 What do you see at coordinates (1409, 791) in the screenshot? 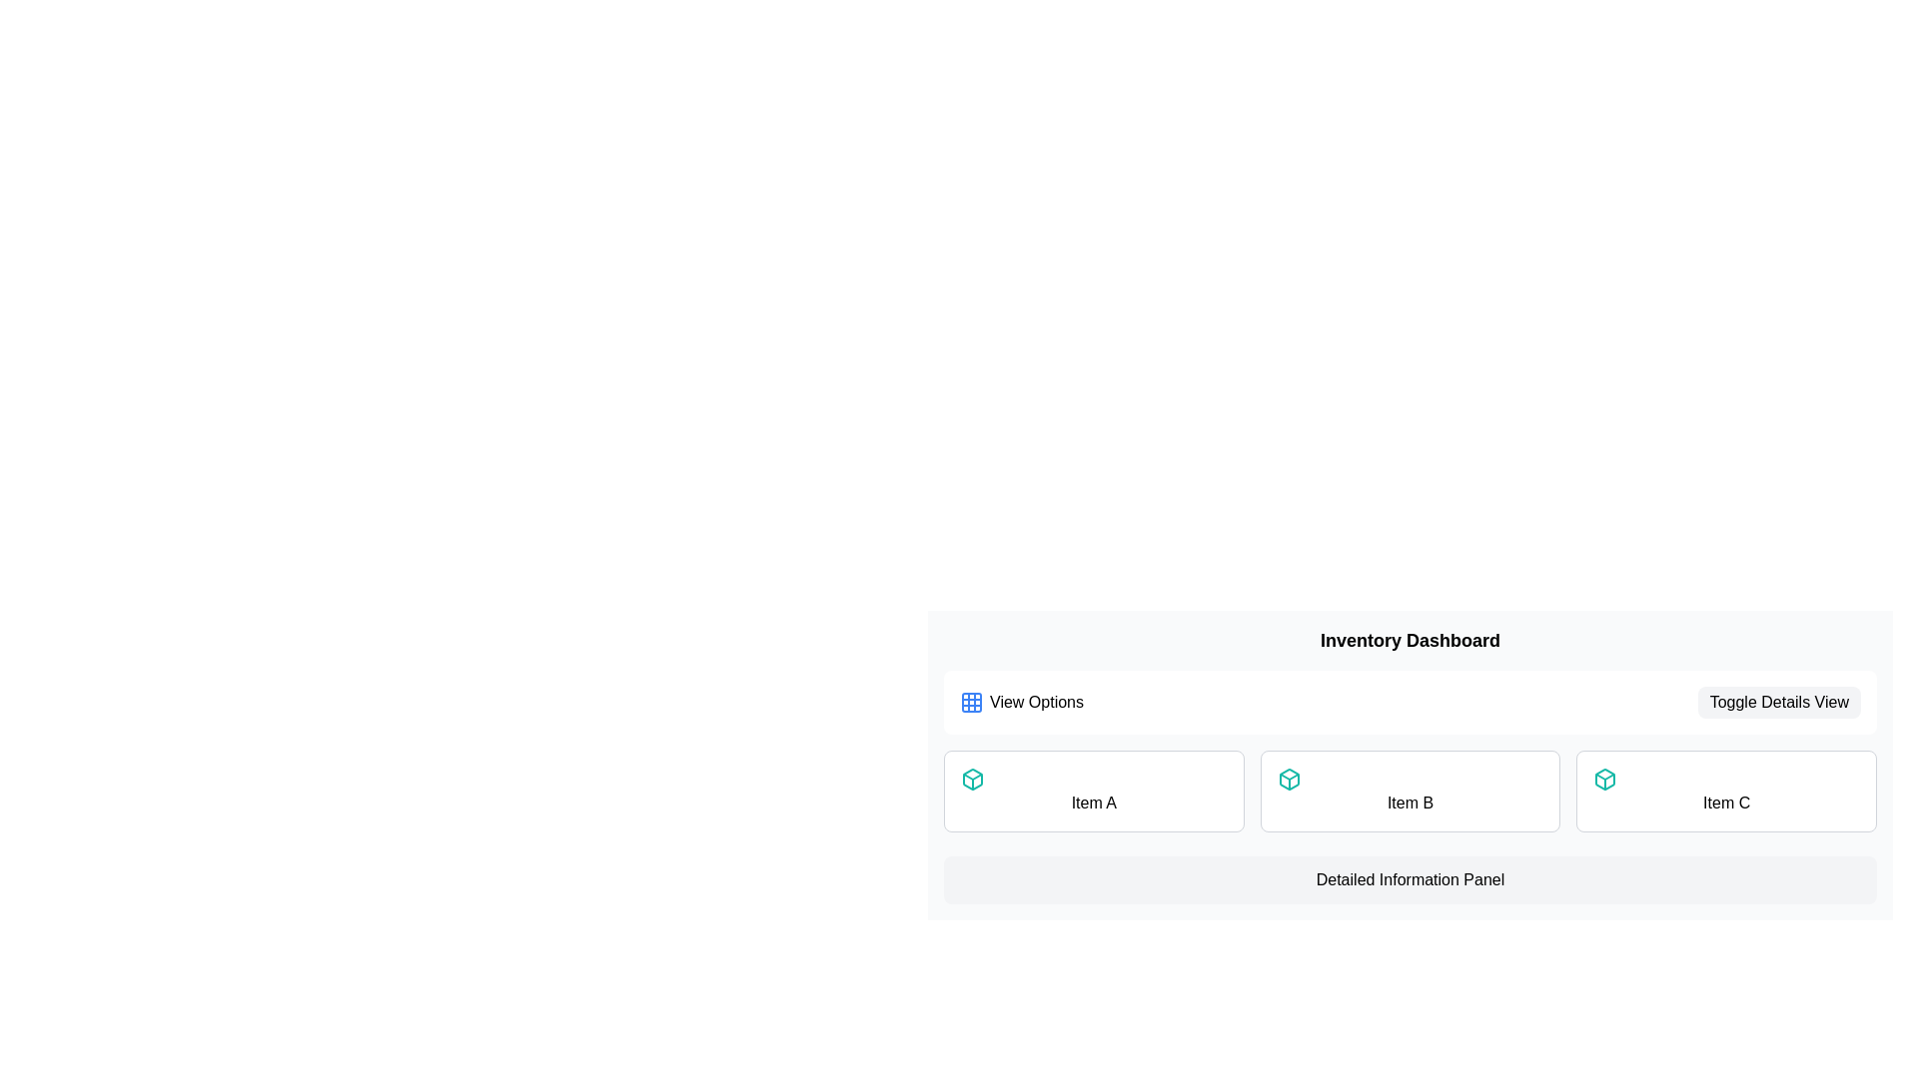
I see `'Item B' in the central group of labeled items with icons on the Inventory Dashboard` at bounding box center [1409, 791].